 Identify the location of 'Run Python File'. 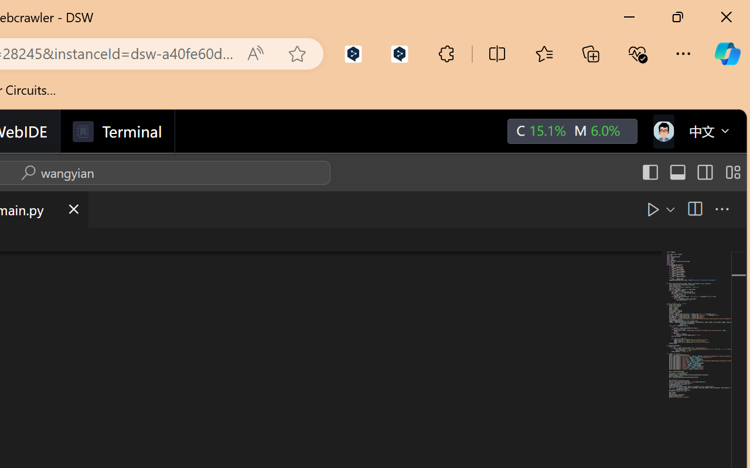
(652, 209).